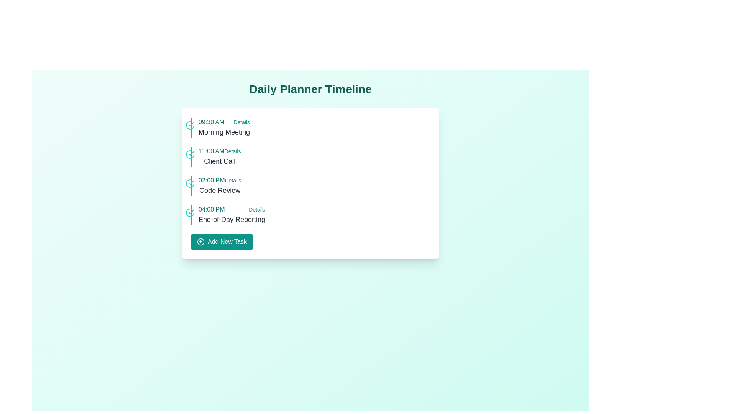 Image resolution: width=736 pixels, height=414 pixels. I want to click on the 'Details' link of the fourth entry in the Daily Planner Timeline to read the event details, so click(231, 215).